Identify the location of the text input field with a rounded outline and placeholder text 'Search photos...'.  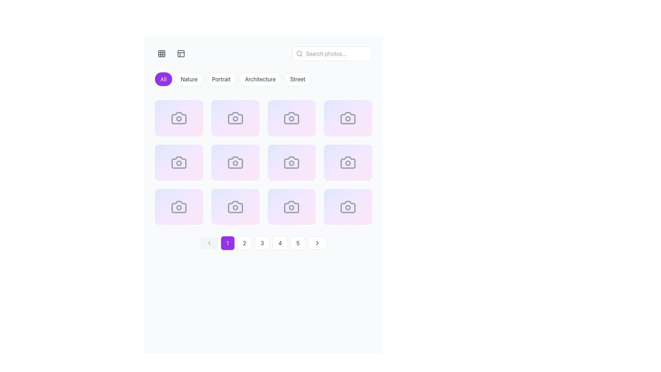
(332, 53).